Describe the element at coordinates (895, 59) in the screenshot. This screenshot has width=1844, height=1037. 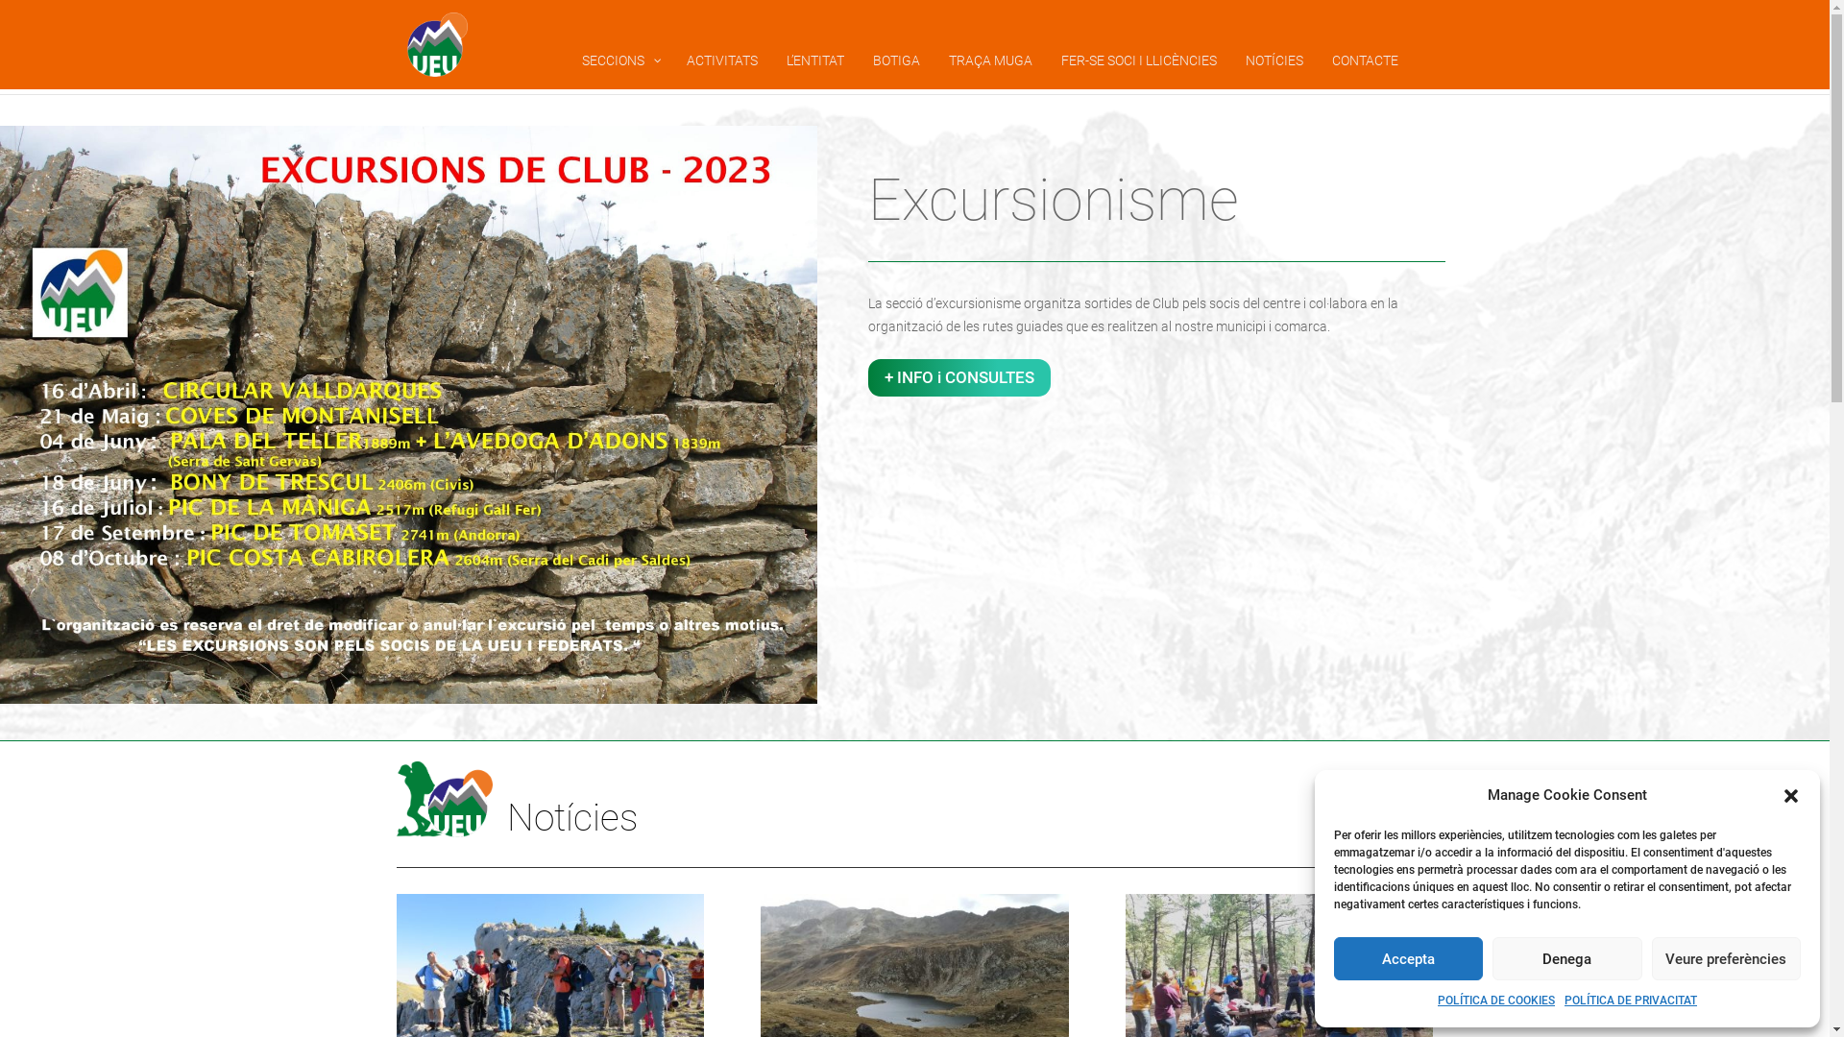
I see `'BOTIGA'` at that location.